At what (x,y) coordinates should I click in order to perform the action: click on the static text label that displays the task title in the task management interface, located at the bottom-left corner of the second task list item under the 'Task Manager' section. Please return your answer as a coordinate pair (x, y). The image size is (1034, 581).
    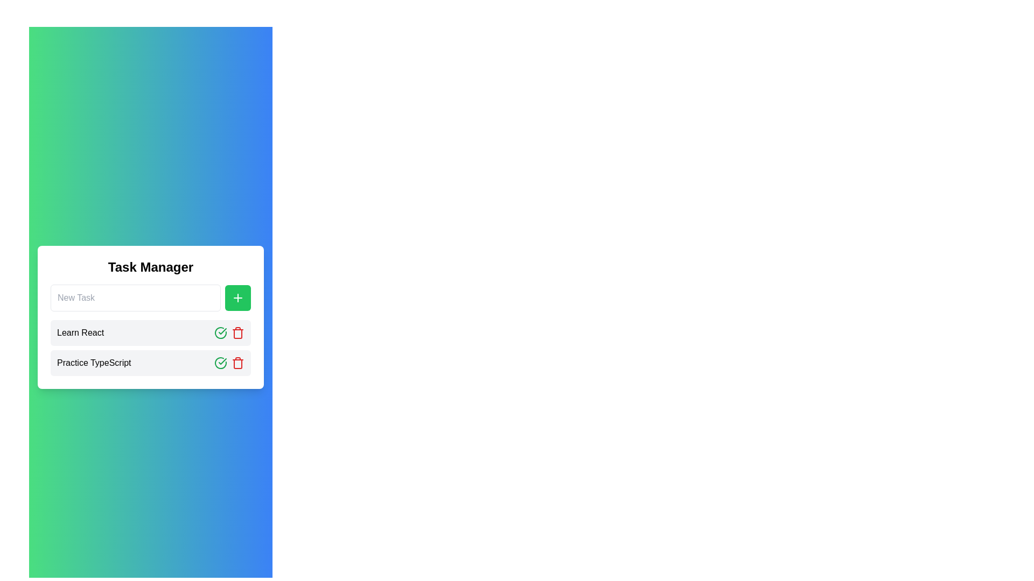
    Looking at the image, I should click on (94, 363).